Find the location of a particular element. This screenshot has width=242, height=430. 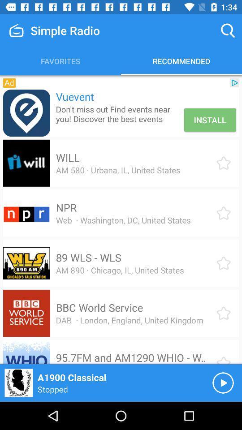

advertisement icon is located at coordinates (26, 112).